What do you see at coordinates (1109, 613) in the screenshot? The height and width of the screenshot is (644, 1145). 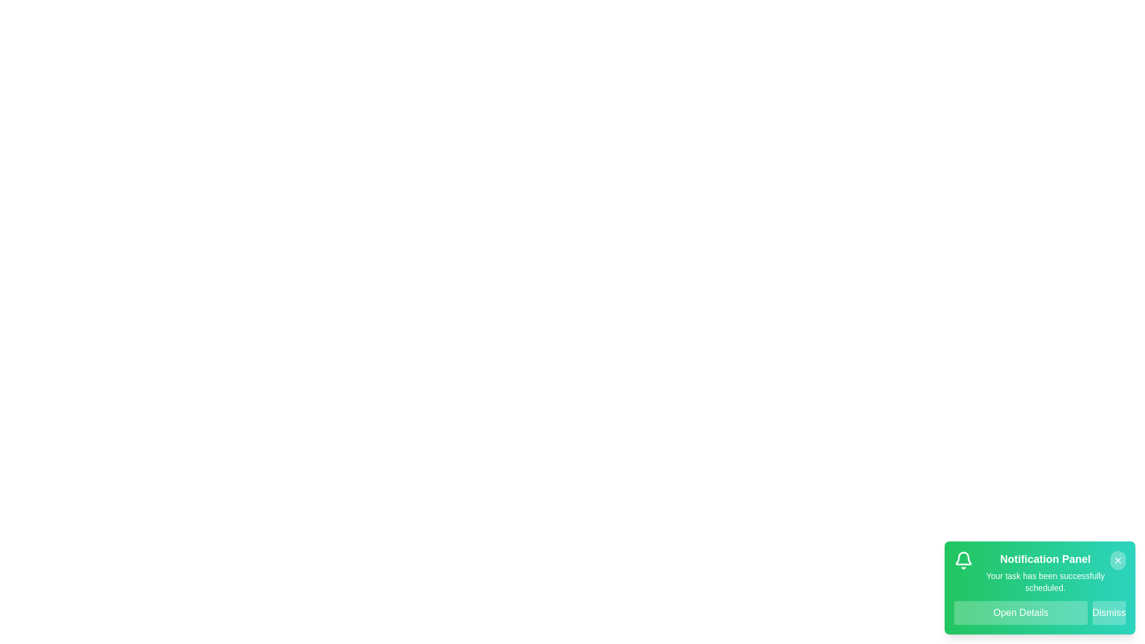 I see `the 'Dismiss' button to hide the notification` at bounding box center [1109, 613].